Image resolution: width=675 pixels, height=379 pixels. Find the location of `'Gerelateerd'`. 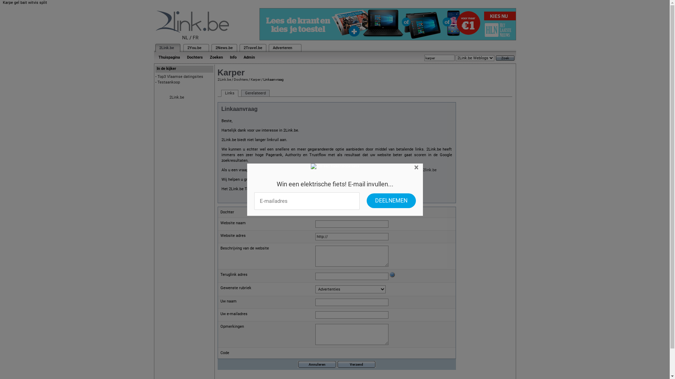

'Gerelateerd' is located at coordinates (255, 93).